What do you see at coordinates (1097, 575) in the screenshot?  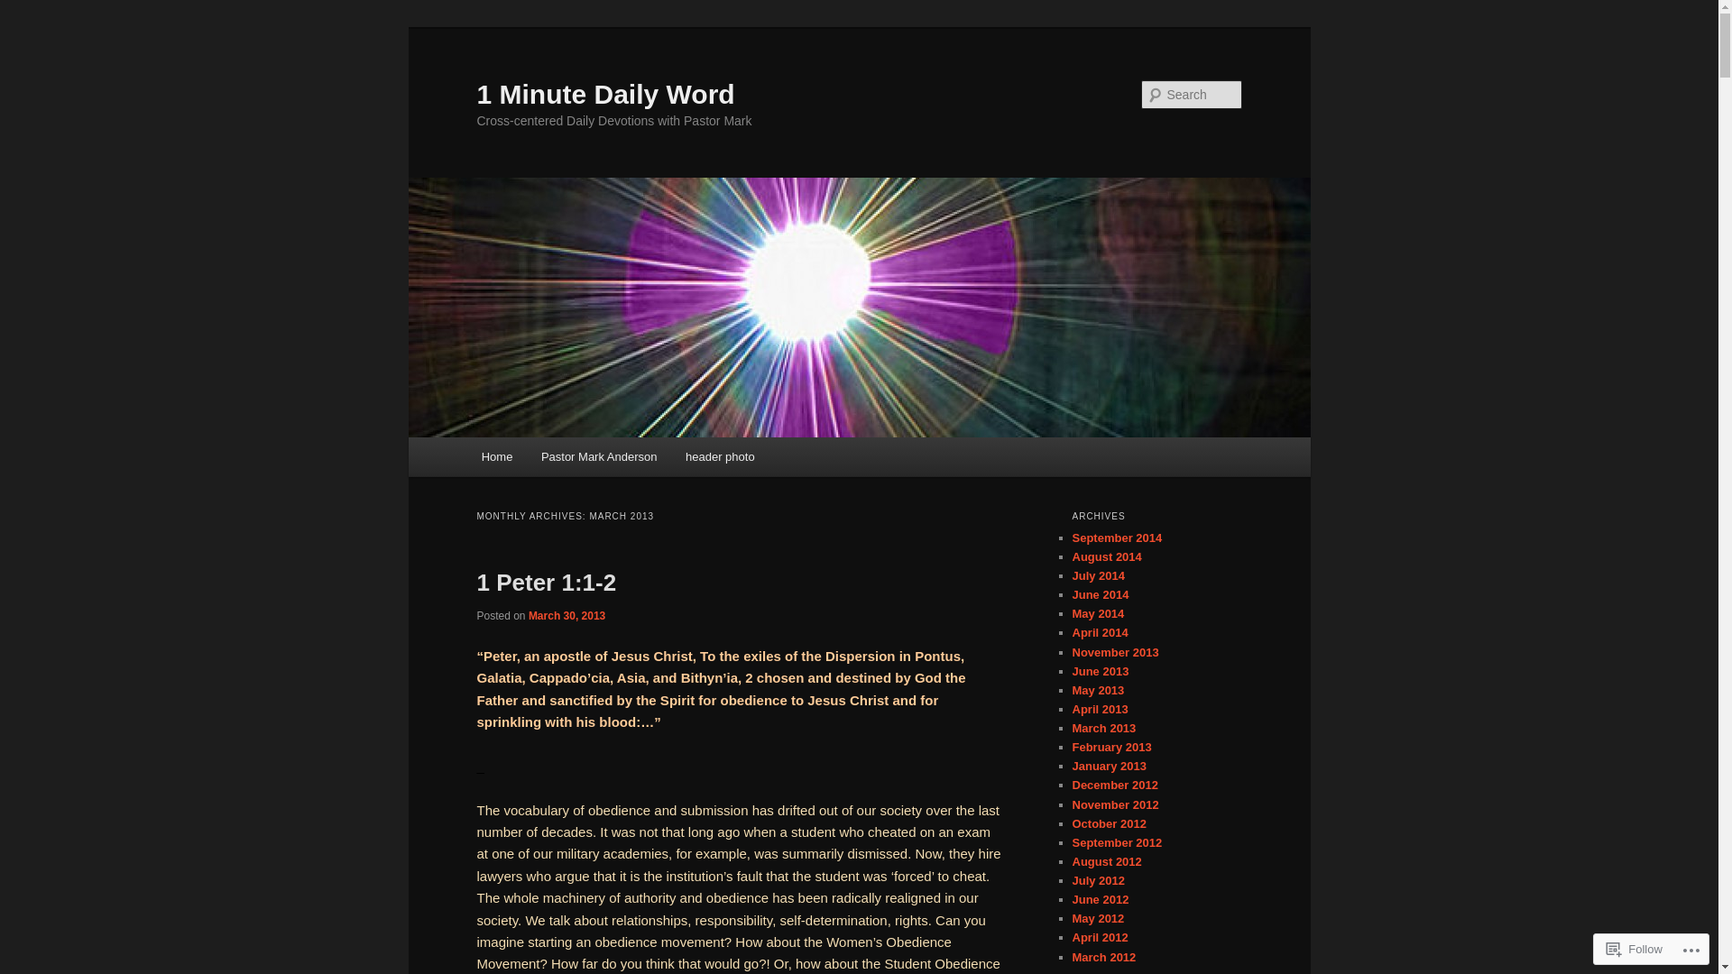 I see `'July 2014'` at bounding box center [1097, 575].